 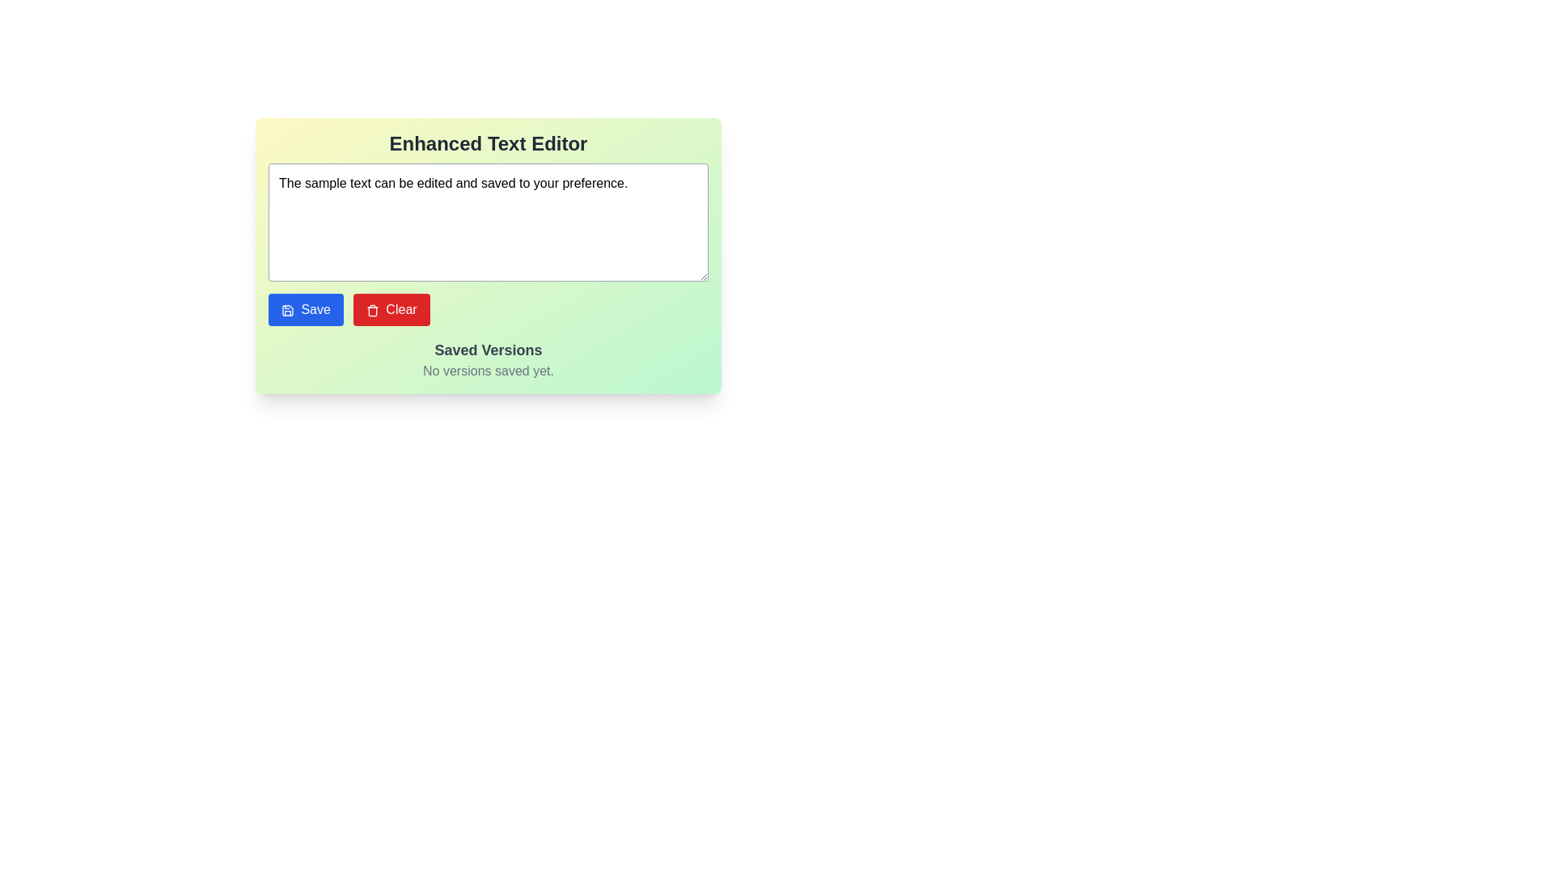 I want to click on the save icon, which is a compact icon representing a save or document symbol with a blue background, so click(x=287, y=309).